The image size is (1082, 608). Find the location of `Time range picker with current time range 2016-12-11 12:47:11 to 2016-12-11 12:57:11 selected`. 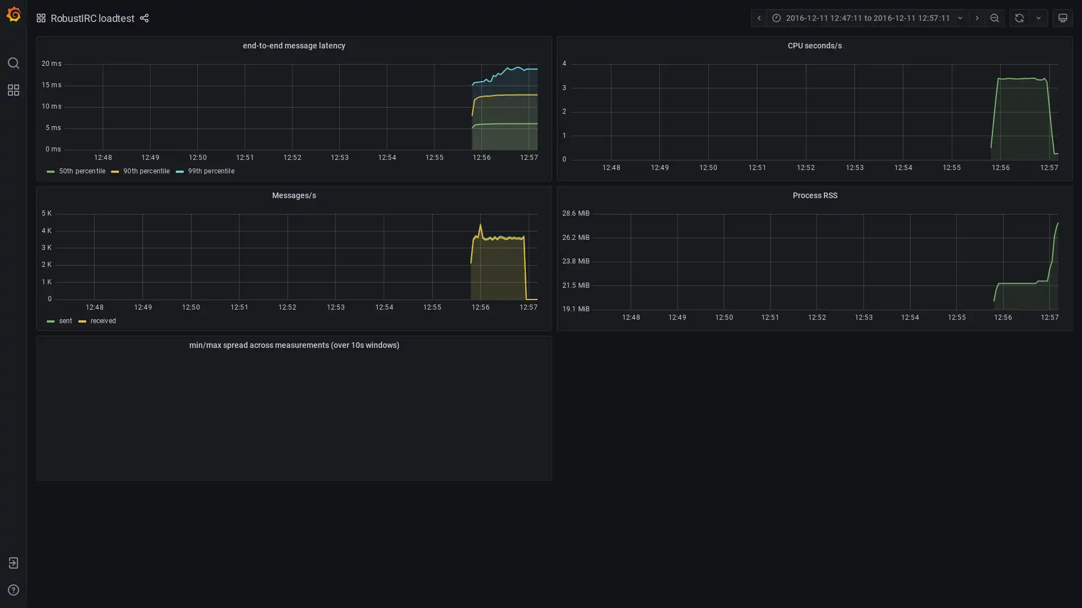

Time range picker with current time range 2016-12-11 12:47:11 to 2016-12-11 12:57:11 selected is located at coordinates (867, 17).